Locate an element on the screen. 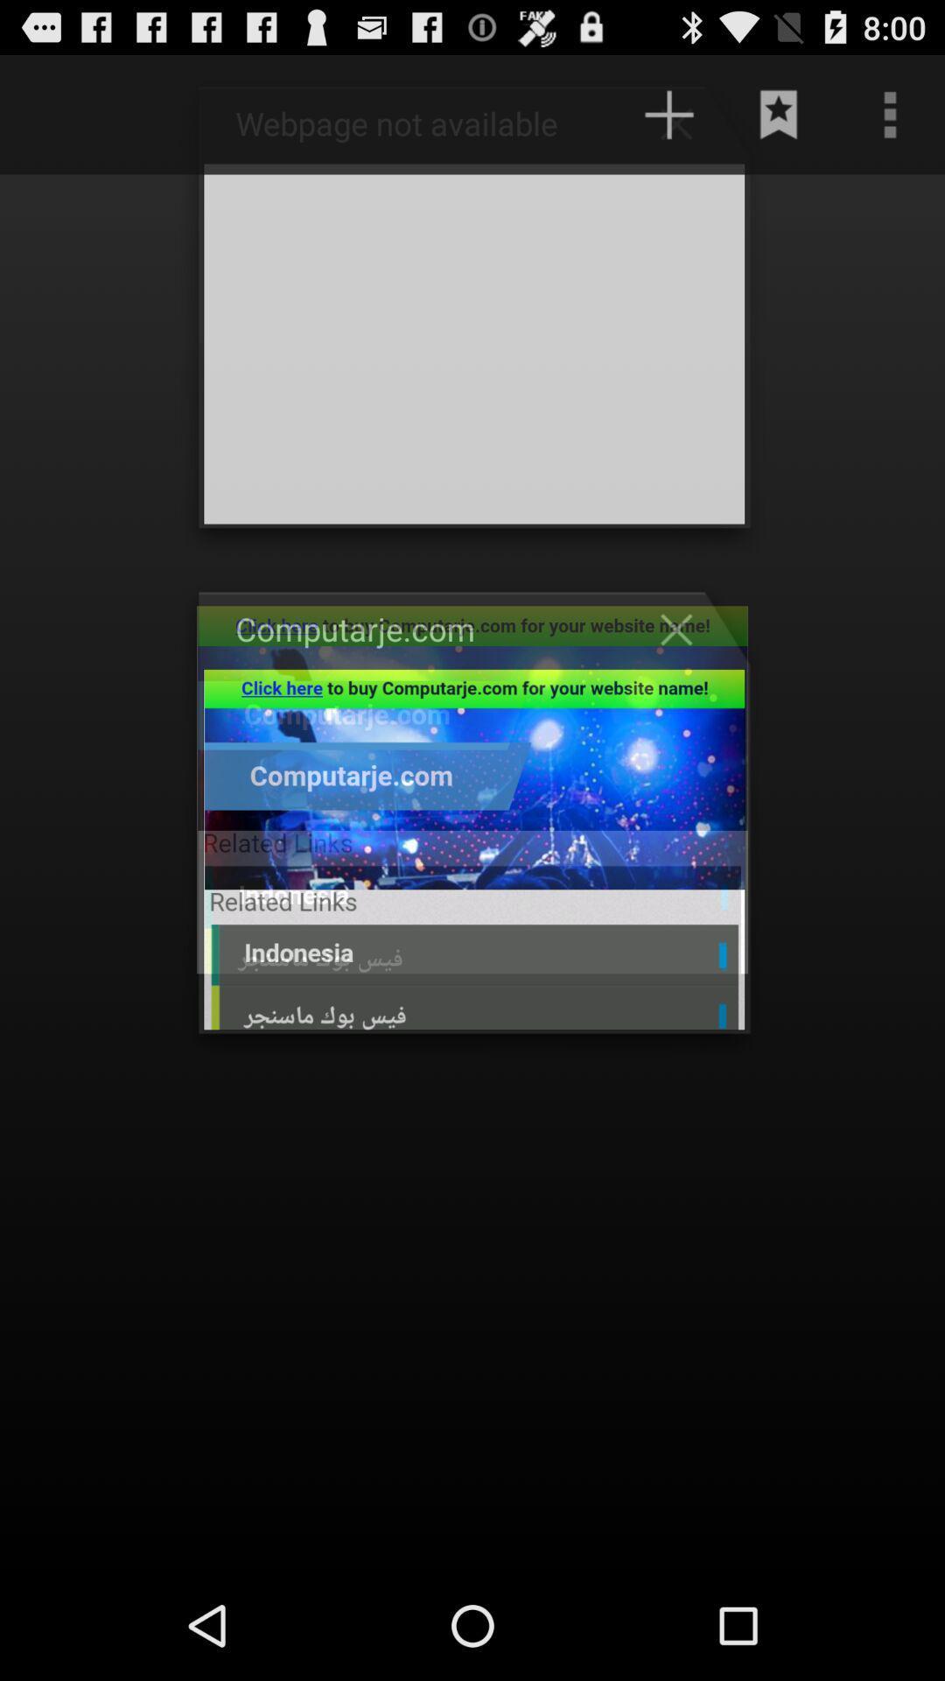 Image resolution: width=945 pixels, height=1681 pixels. the add icon is located at coordinates (684, 130).